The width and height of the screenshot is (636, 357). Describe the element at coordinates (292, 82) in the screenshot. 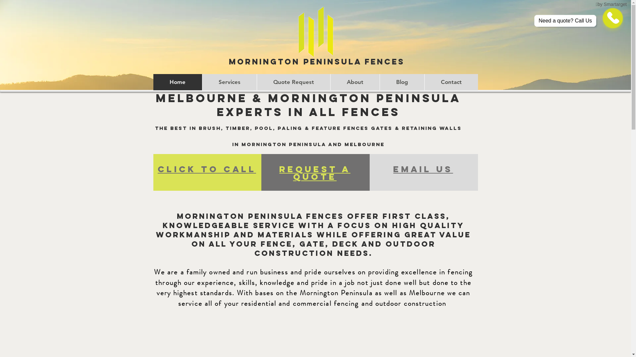

I see `'Quote Request'` at that location.